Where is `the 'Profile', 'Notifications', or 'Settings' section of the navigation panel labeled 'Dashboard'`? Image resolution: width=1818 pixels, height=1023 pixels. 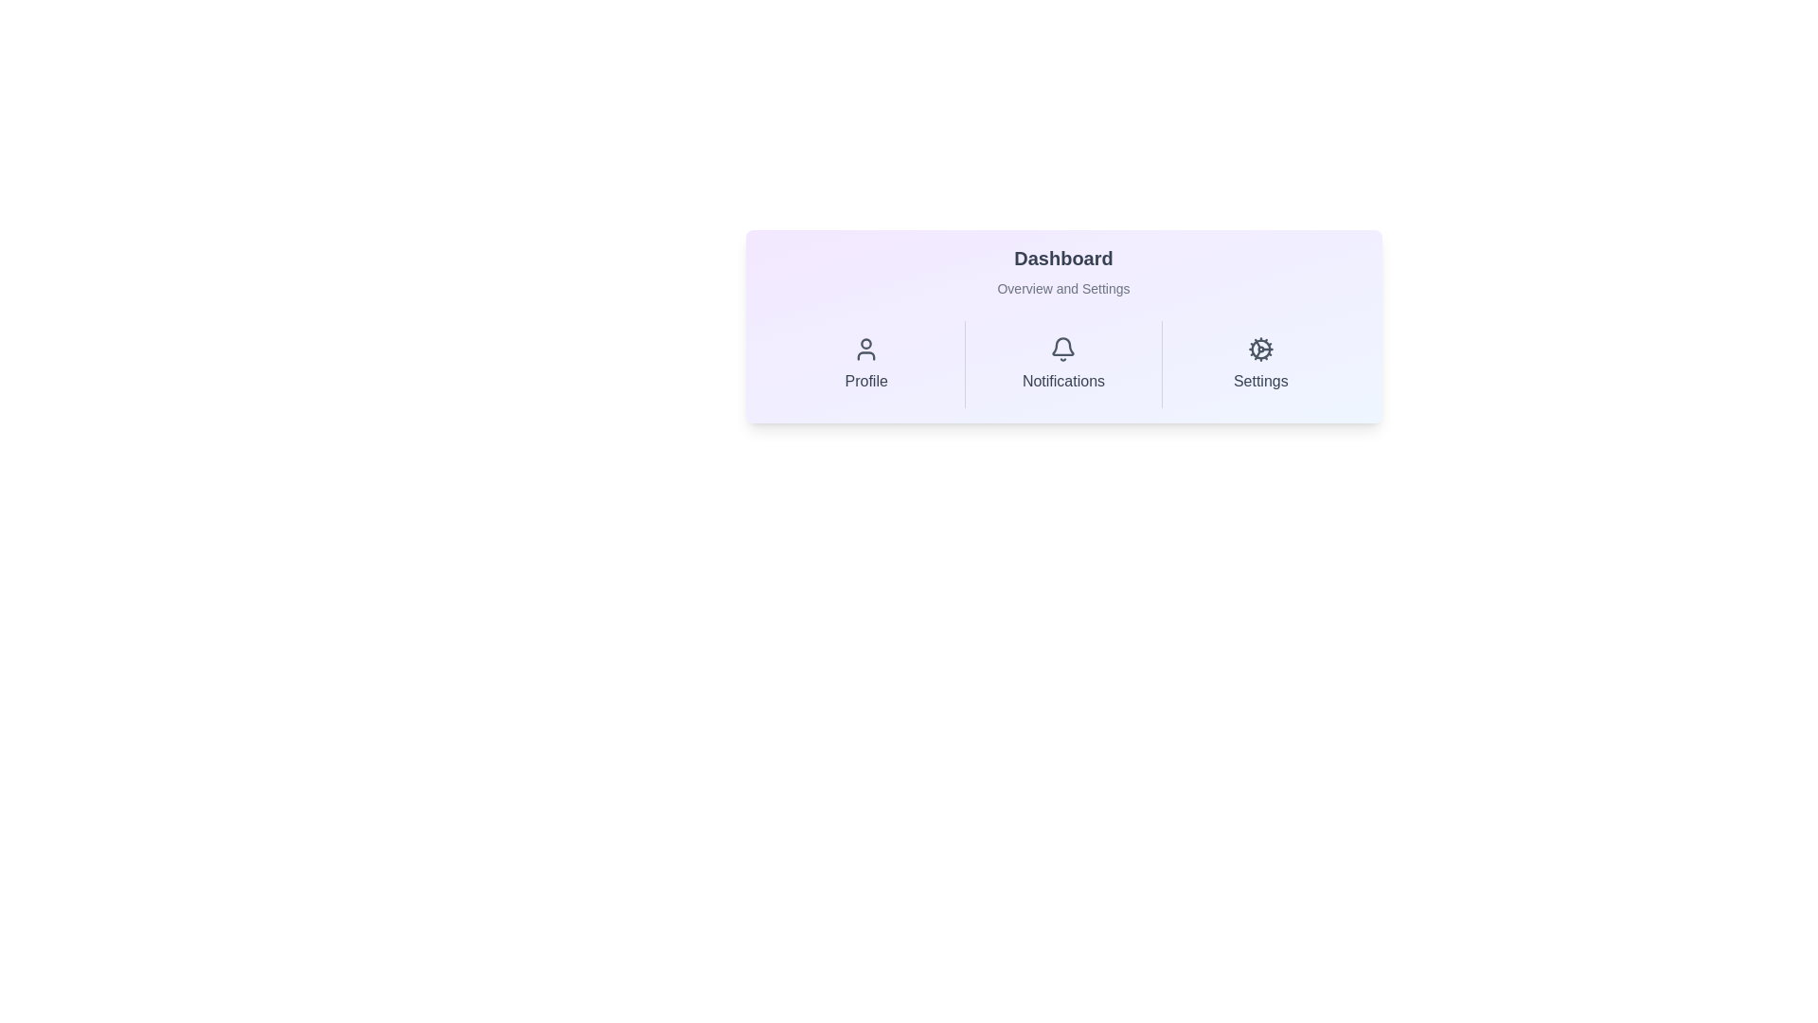
the 'Profile', 'Notifications', or 'Settings' section of the navigation panel labeled 'Dashboard' is located at coordinates (1063, 325).